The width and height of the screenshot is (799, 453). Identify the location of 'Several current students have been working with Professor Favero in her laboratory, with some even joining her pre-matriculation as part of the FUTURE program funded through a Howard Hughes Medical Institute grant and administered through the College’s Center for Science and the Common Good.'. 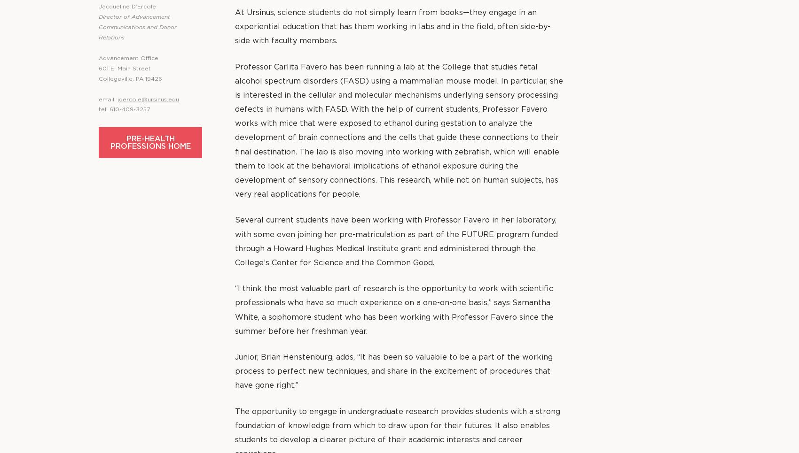
(396, 241).